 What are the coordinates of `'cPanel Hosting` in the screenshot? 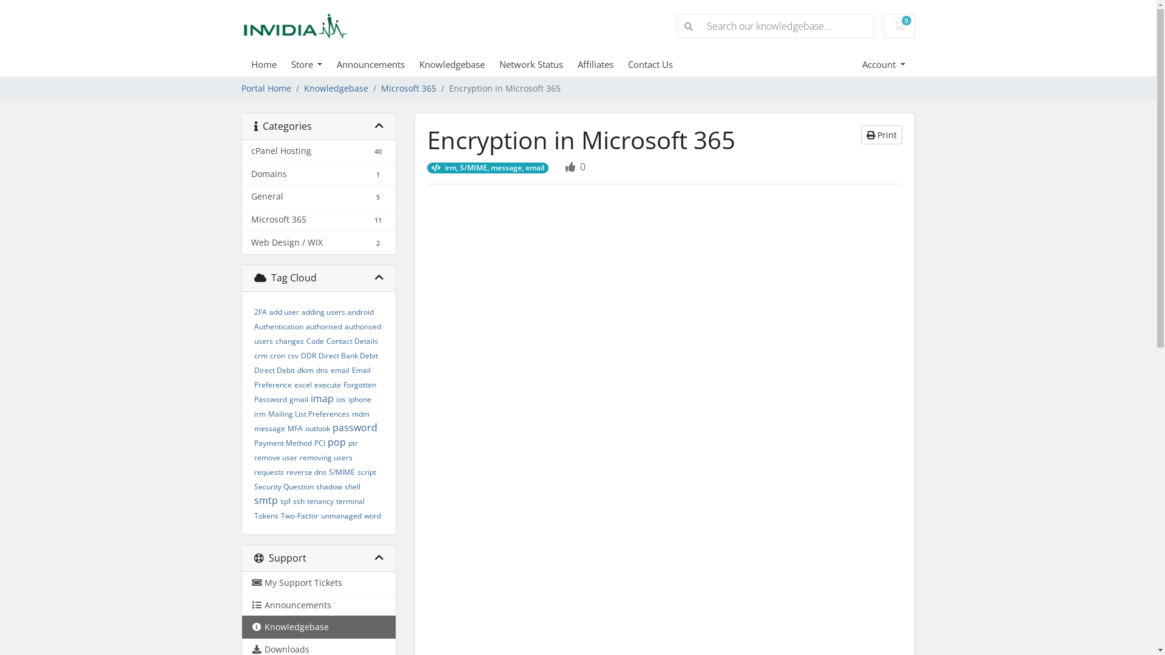 It's located at (318, 151).